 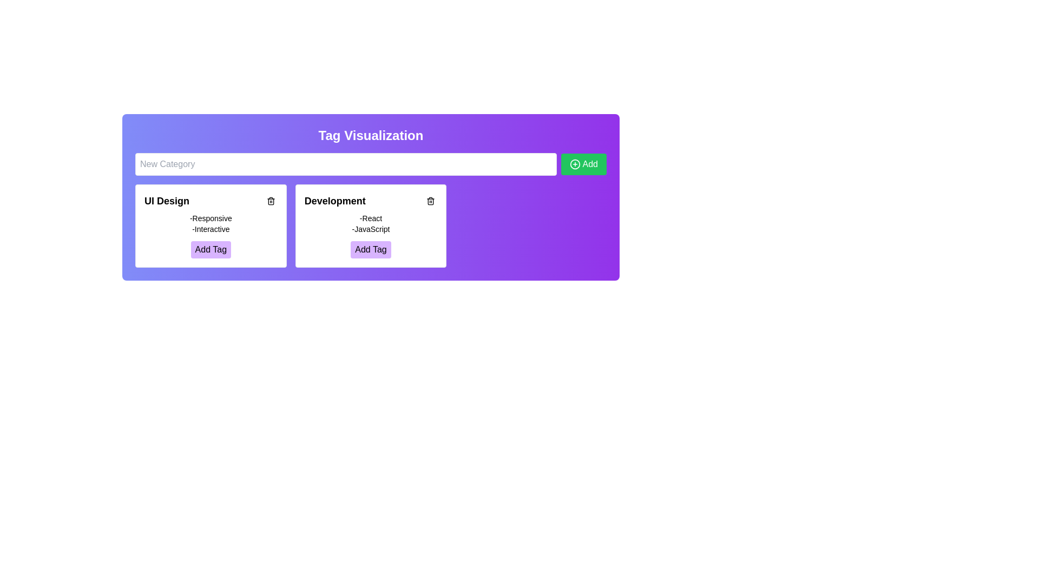 What do you see at coordinates (430, 202) in the screenshot?
I see `the trash bin icon located at the top-right corner of the 'Development' card` at bounding box center [430, 202].